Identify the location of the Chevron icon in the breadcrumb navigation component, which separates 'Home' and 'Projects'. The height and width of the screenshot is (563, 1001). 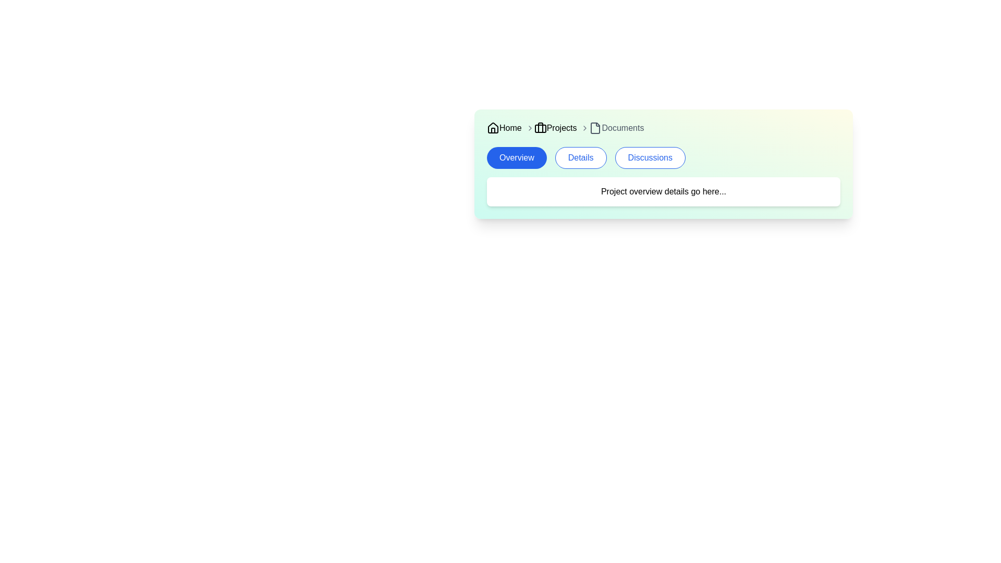
(530, 128).